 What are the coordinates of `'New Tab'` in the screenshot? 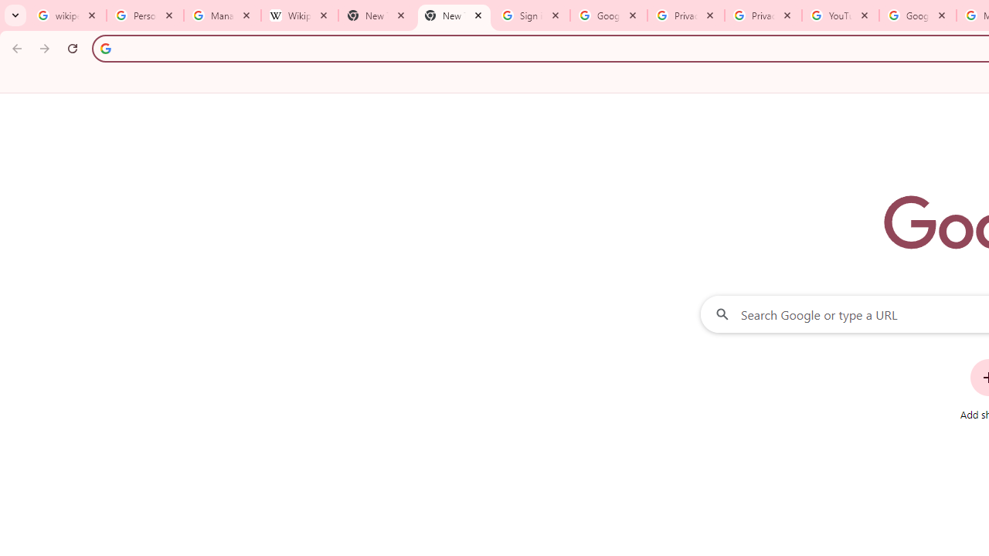 It's located at (453, 15).